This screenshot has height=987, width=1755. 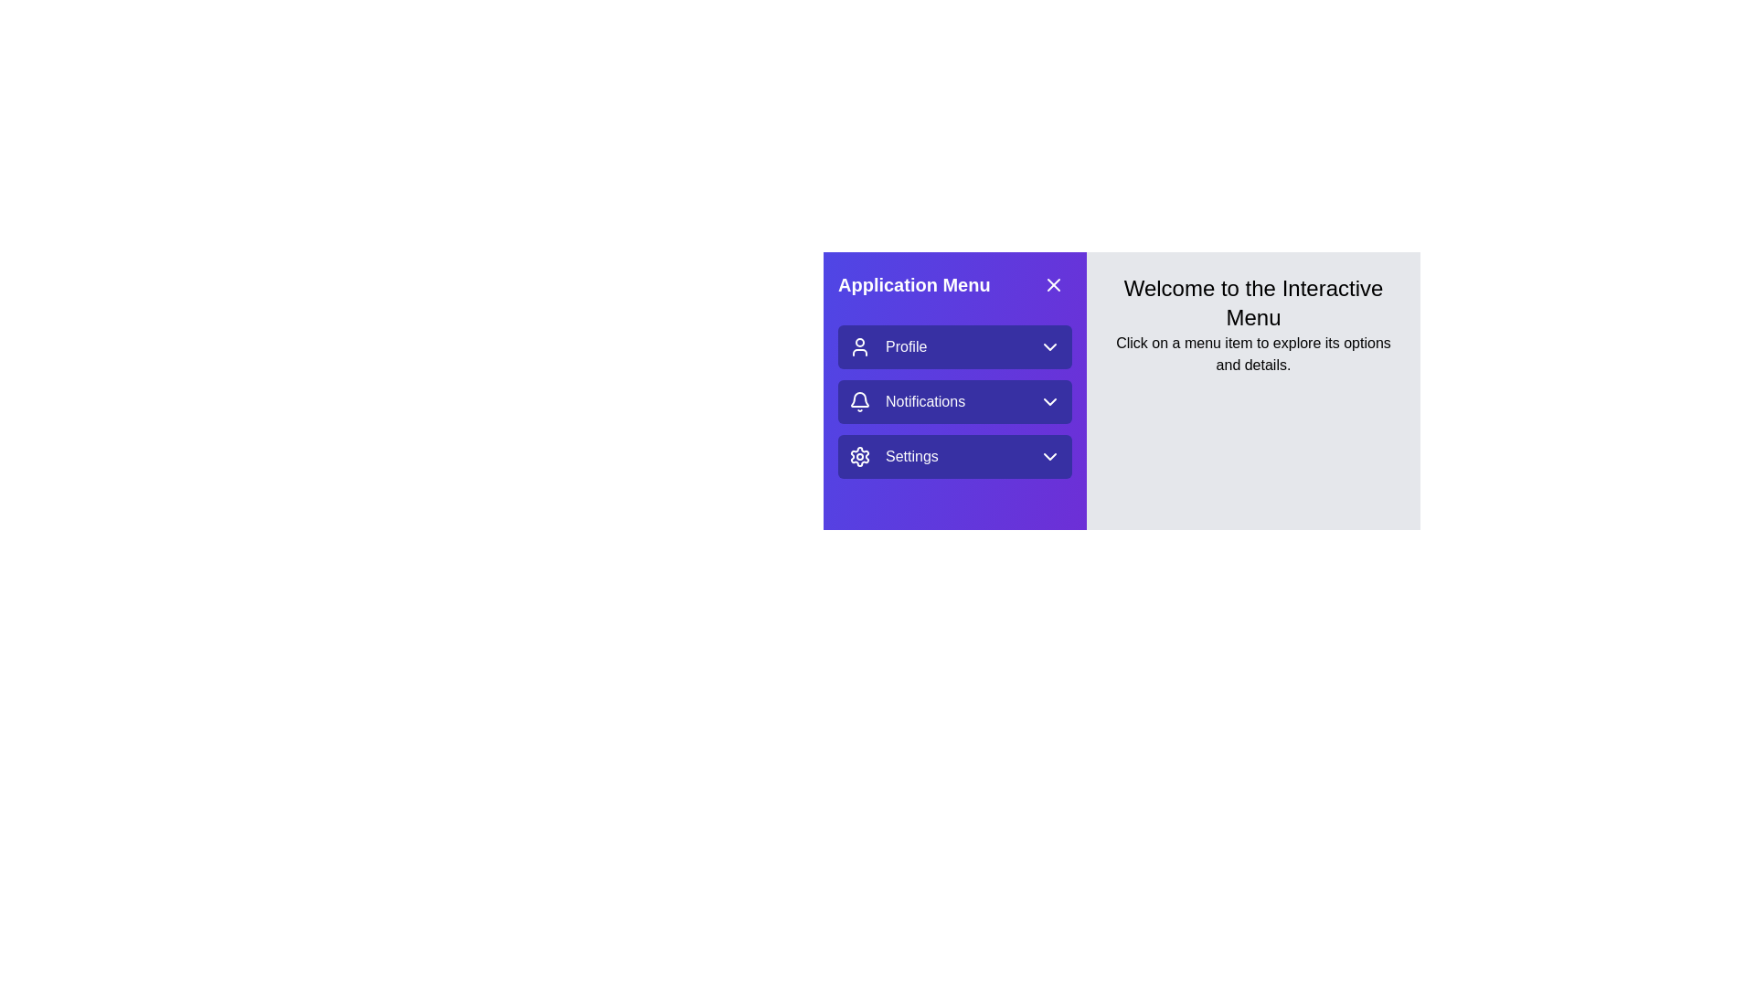 What do you see at coordinates (954, 285) in the screenshot?
I see `title of the left-side application menu header, which is located at the top of the vertical menu panel and includes a close button` at bounding box center [954, 285].